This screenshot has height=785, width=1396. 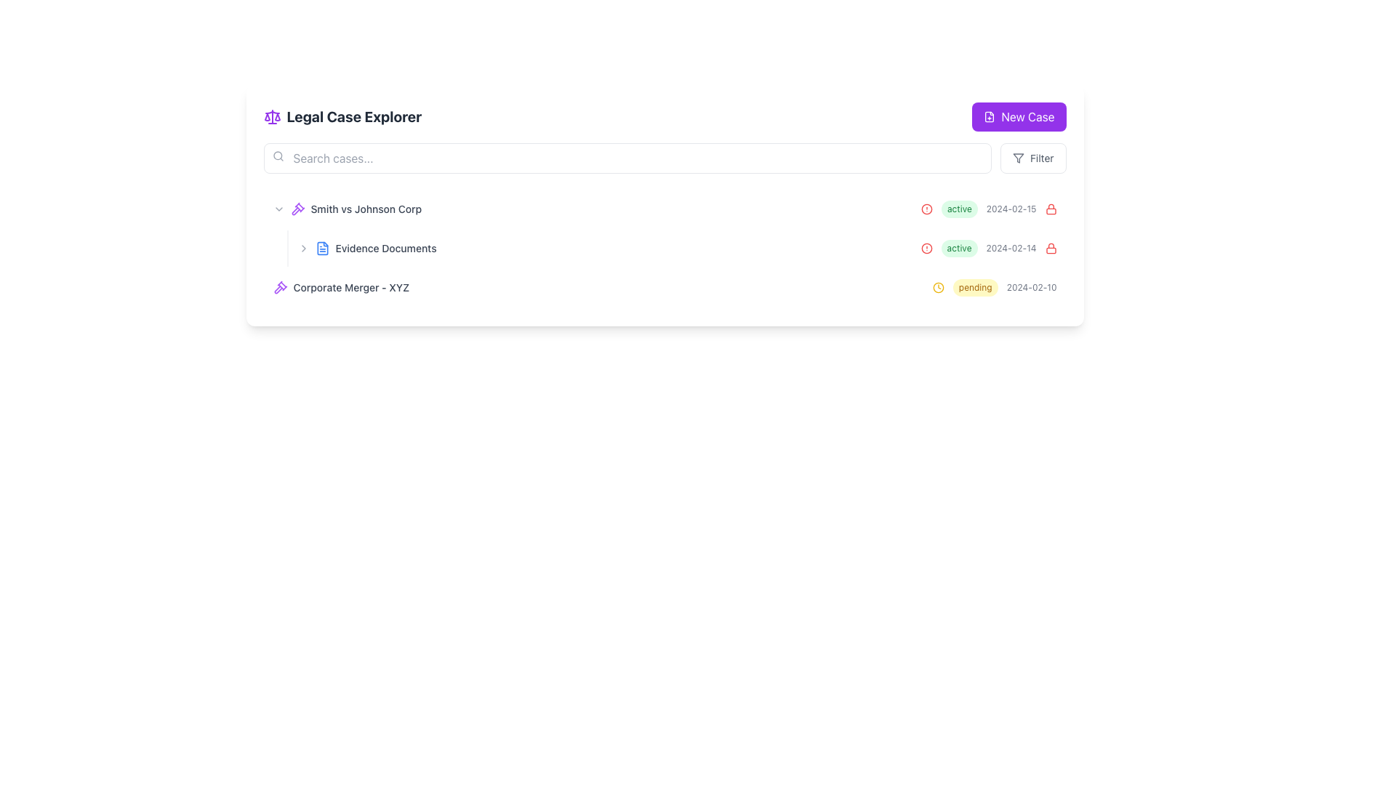 What do you see at coordinates (1041, 158) in the screenshot?
I see `the descriptive text label located next to the filter icon in the top-right section of the interface to potentially reveal tooltips` at bounding box center [1041, 158].